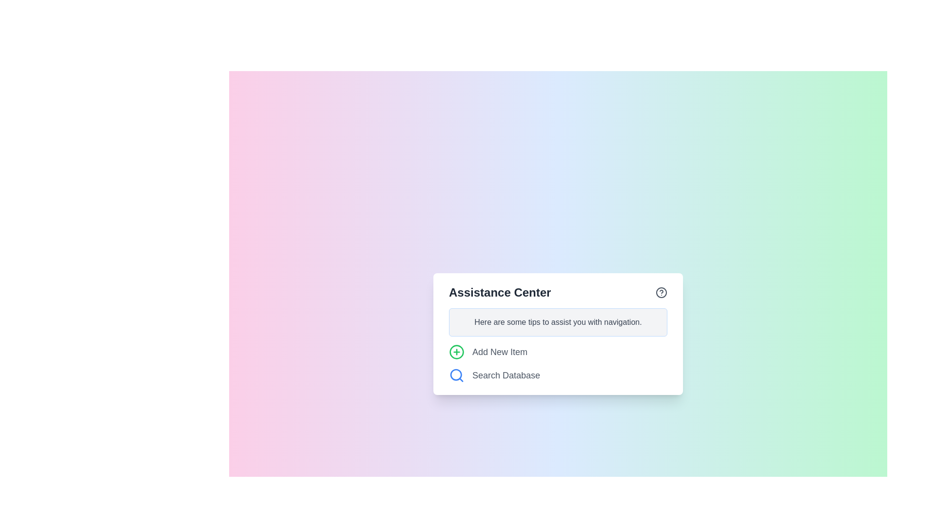 This screenshot has height=526, width=936. Describe the element at coordinates (662, 292) in the screenshot. I see `the circular gray icon featuring a question mark symbol, located prominently to the top-right of the 'Assistance Center' box` at that location.